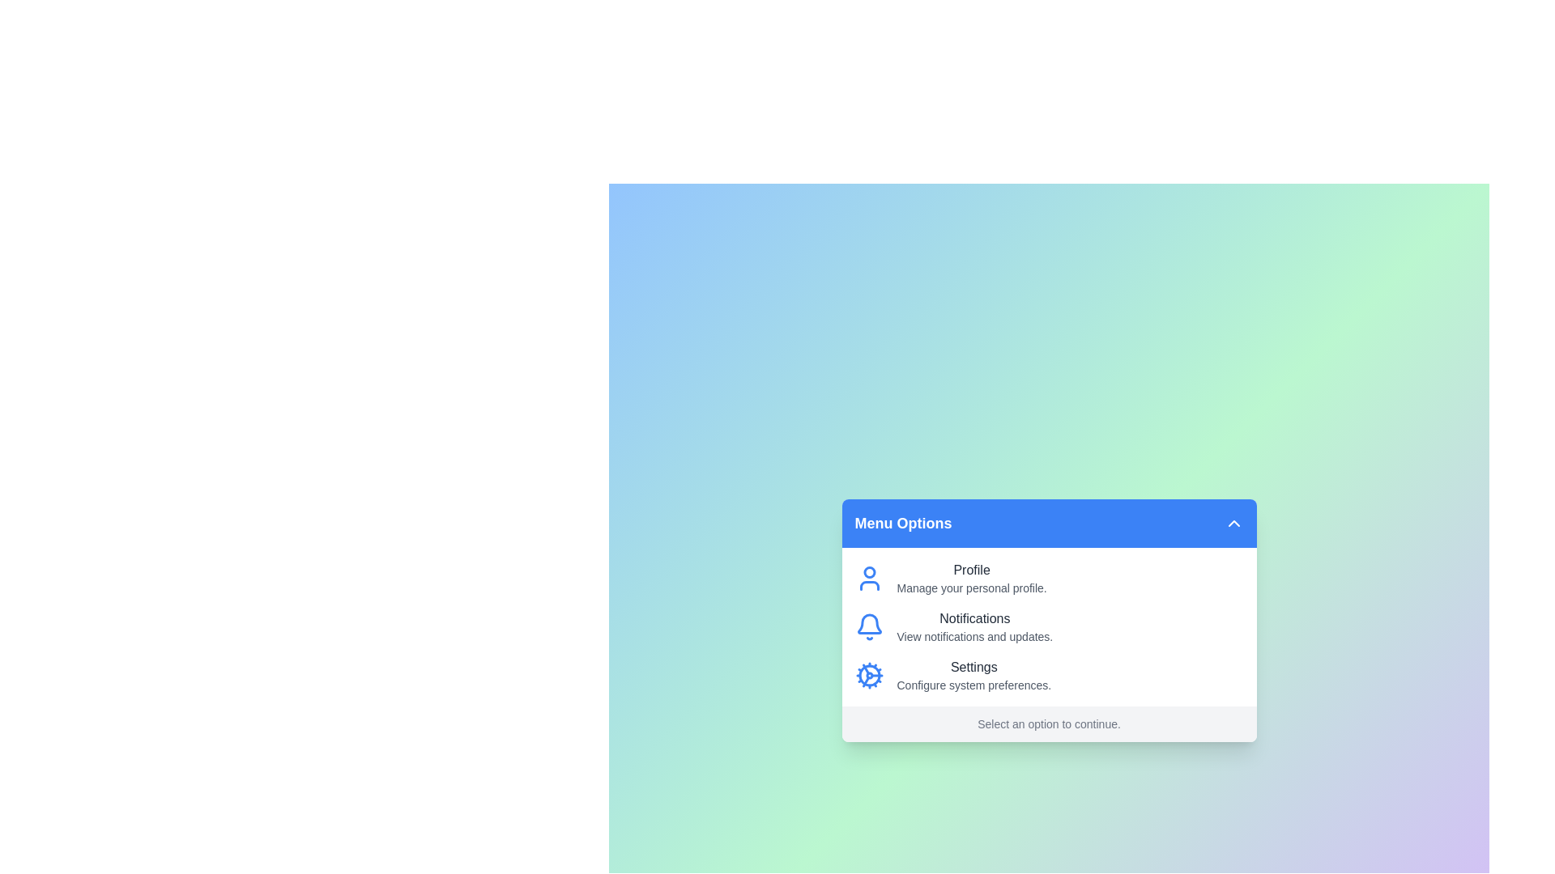 Image resolution: width=1555 pixels, height=874 pixels. What do you see at coordinates (972, 577) in the screenshot?
I see `the menu option Profile from the list` at bounding box center [972, 577].